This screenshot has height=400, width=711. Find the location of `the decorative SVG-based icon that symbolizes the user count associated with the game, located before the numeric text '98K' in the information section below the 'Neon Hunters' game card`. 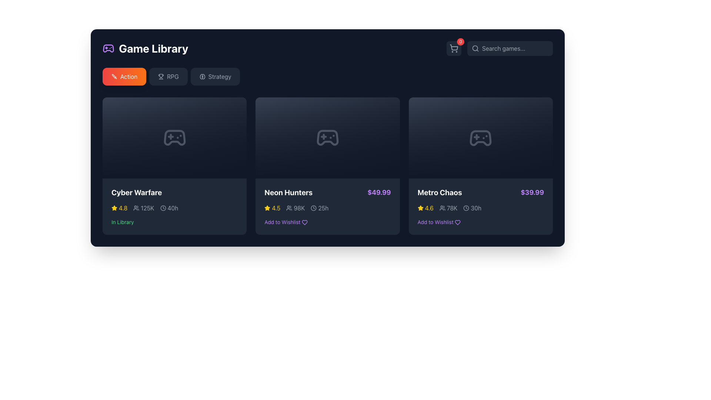

the decorative SVG-based icon that symbolizes the user count associated with the game, located before the numeric text '98K' in the information section below the 'Neon Hunters' game card is located at coordinates (289, 208).